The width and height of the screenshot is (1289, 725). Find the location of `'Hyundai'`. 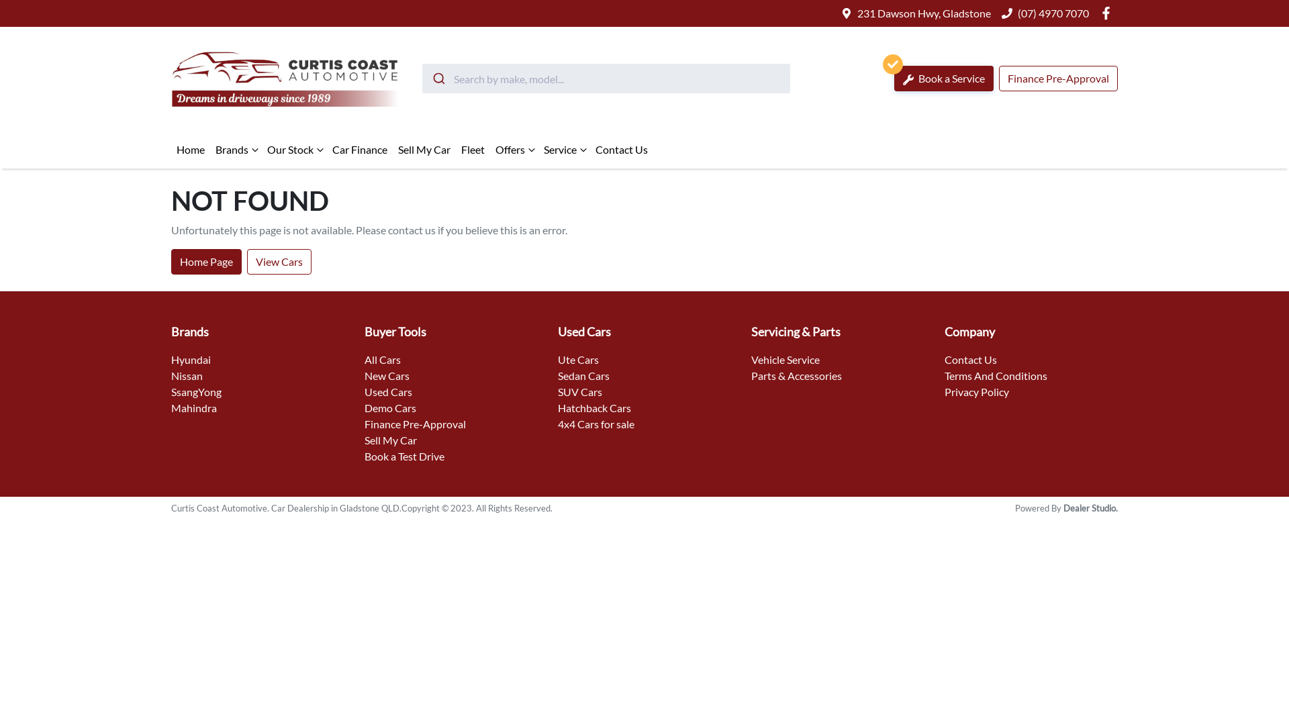

'Hyundai' is located at coordinates (190, 358).